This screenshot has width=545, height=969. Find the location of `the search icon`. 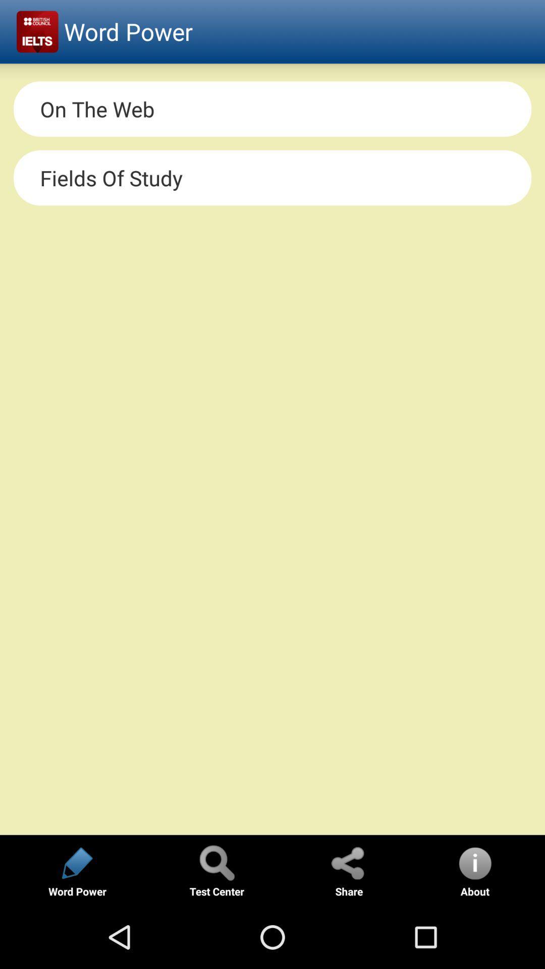

the search icon is located at coordinates (216, 924).